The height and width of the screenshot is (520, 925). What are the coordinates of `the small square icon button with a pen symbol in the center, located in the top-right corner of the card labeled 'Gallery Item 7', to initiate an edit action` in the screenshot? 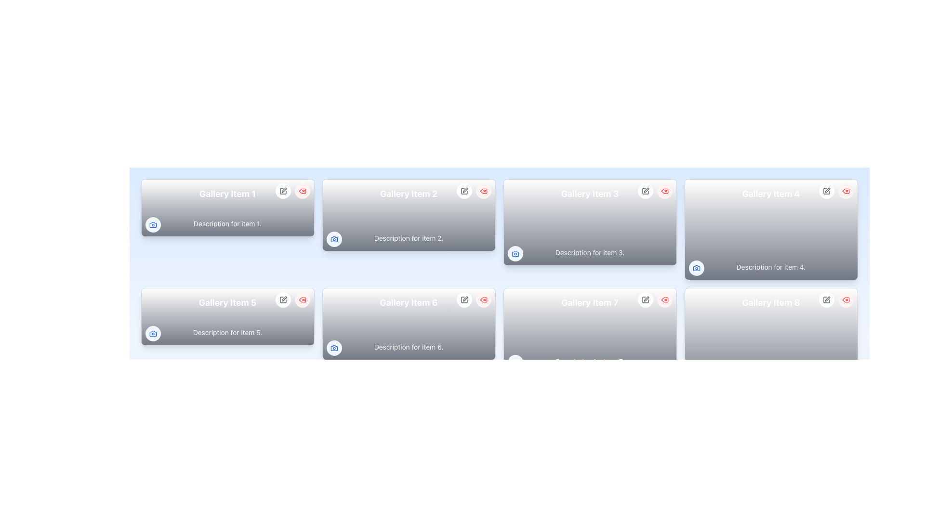 It's located at (645, 299).